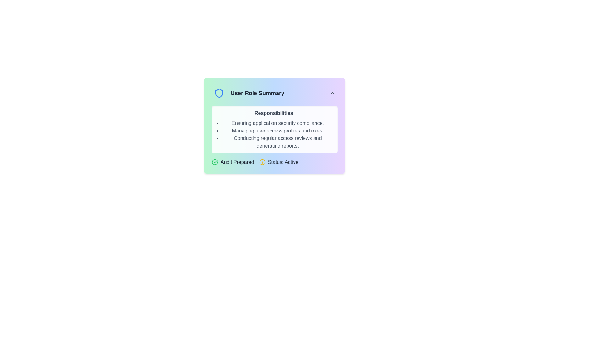 This screenshot has width=604, height=339. I want to click on the circular element of the 'Audit Prepared' status indicator icon located in the bottom left corner of the card, so click(215, 162).